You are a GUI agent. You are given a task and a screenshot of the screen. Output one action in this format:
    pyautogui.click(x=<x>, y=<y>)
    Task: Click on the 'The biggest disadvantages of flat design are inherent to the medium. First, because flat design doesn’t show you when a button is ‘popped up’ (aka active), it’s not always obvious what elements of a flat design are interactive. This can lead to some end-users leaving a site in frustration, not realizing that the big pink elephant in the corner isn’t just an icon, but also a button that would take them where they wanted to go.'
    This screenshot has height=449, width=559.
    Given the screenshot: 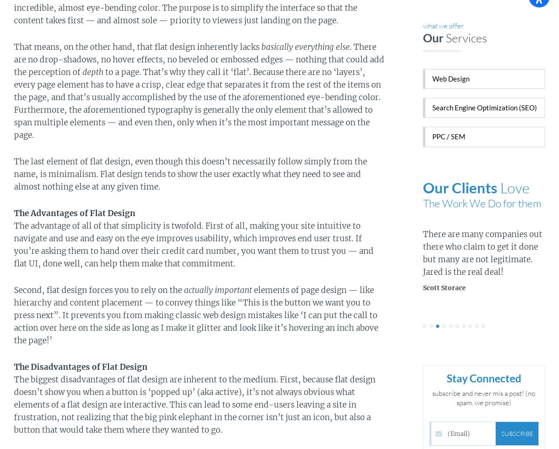 What is the action you would take?
    pyautogui.click(x=14, y=404)
    